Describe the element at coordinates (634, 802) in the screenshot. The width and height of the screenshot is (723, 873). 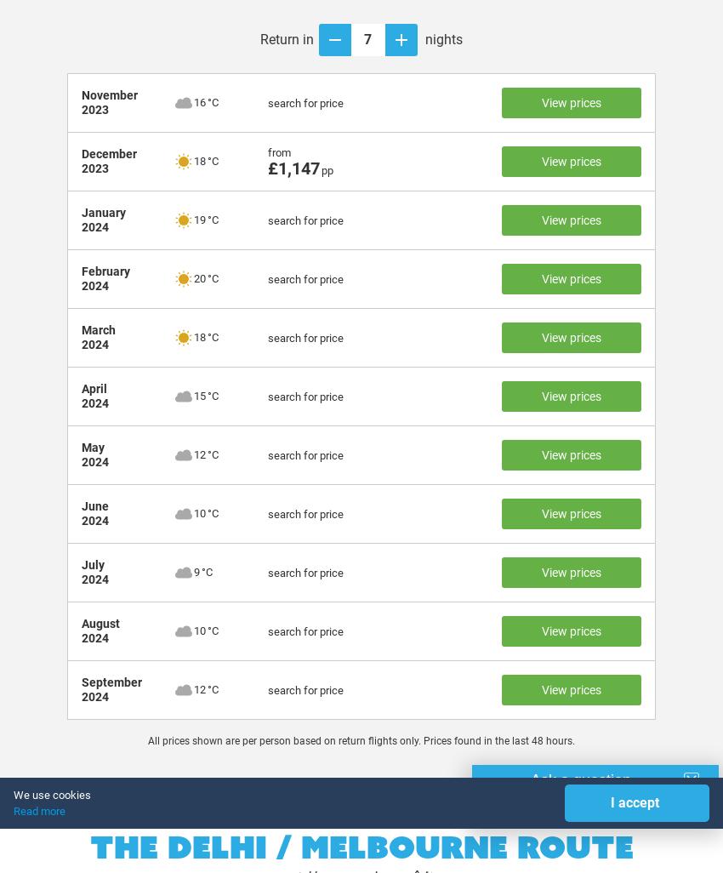
I see `'I accept'` at that location.